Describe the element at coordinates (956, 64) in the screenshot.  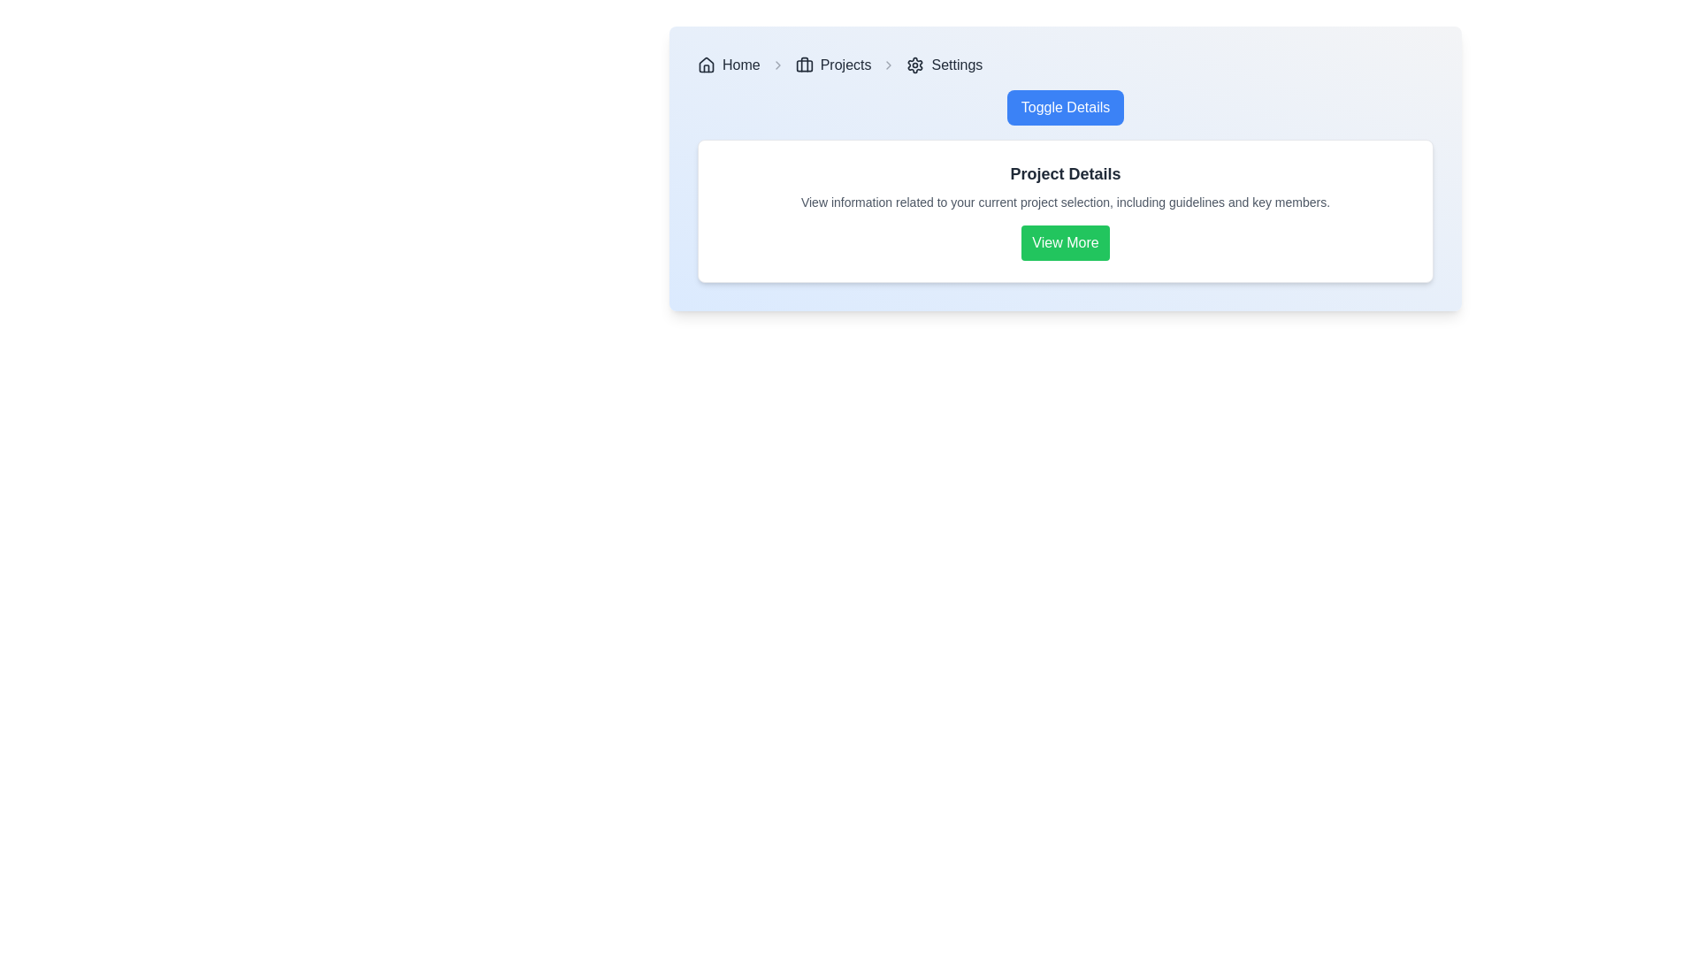
I see `the 'Settings' text label, which is the fourth item in a horizontal breadcrumb navigation, positioned to the right of a gear icon` at that location.